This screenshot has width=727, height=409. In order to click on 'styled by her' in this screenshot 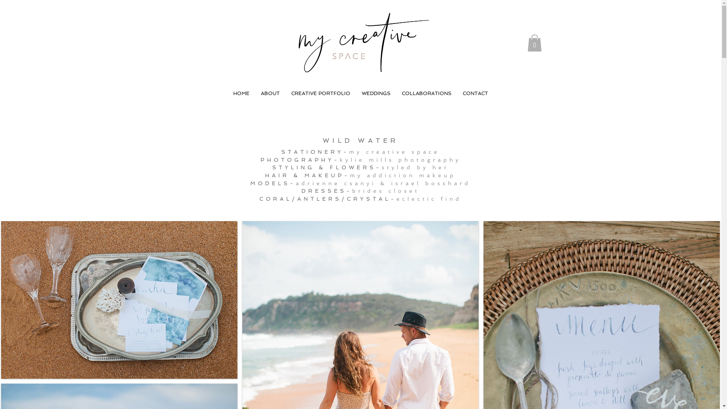, I will do `click(382, 167)`.